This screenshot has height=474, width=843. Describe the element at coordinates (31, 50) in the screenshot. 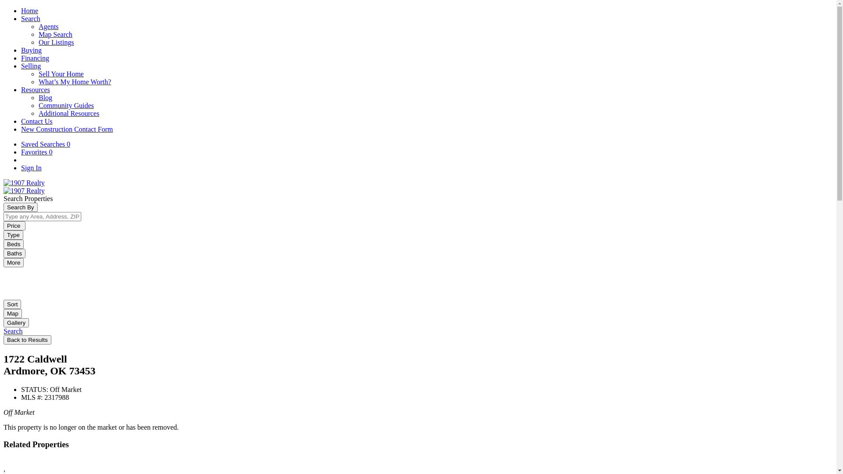

I see `'Buying'` at that location.